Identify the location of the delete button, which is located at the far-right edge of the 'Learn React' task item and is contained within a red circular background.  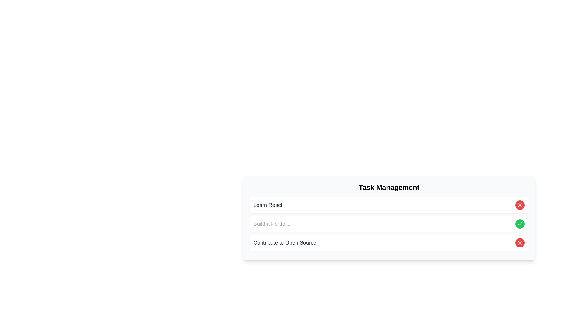
(520, 242).